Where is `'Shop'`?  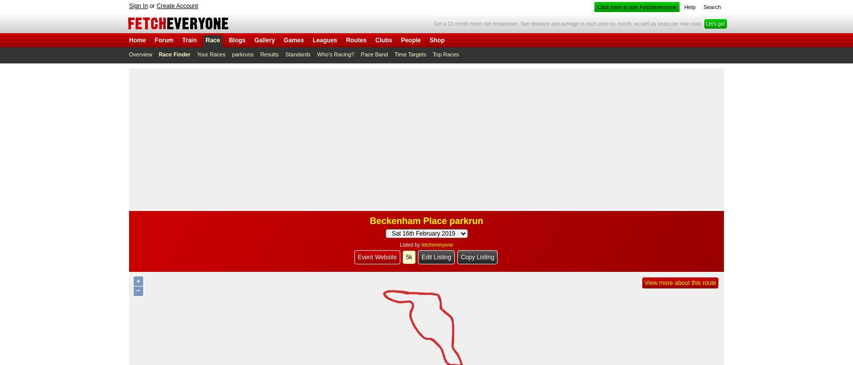 'Shop' is located at coordinates (436, 40).